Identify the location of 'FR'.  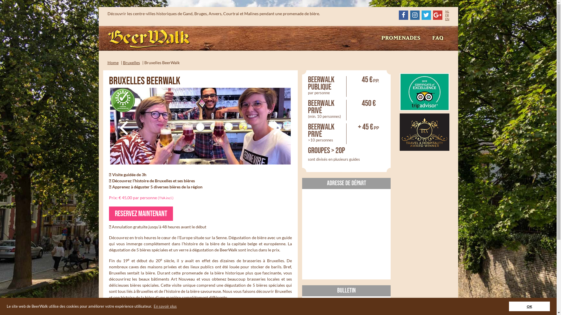
(447, 15).